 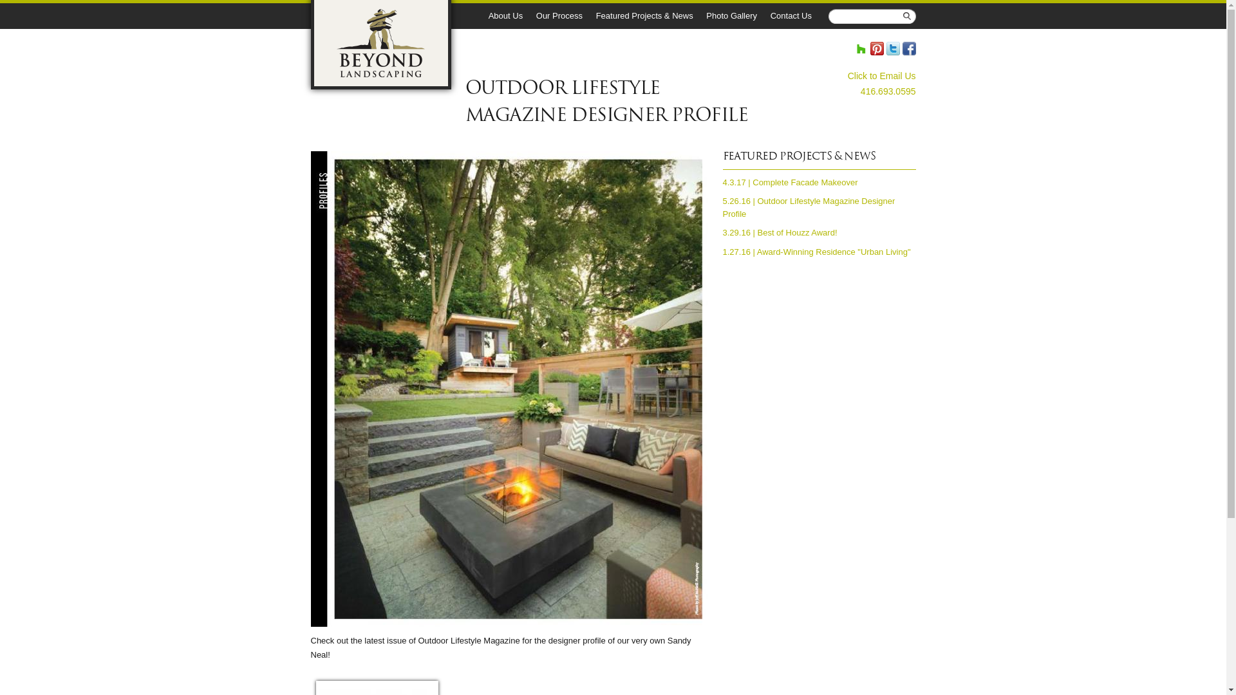 What do you see at coordinates (861, 91) in the screenshot?
I see `'416.693.0595'` at bounding box center [861, 91].